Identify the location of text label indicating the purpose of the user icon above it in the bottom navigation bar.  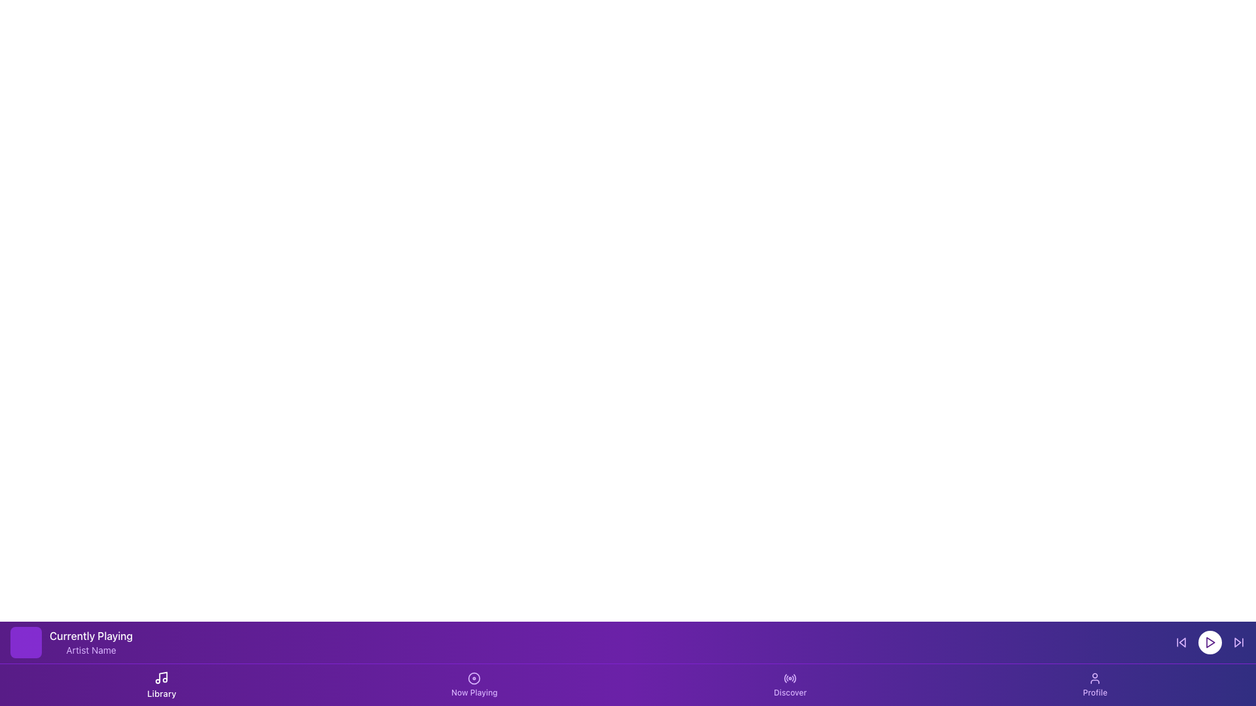
(1095, 692).